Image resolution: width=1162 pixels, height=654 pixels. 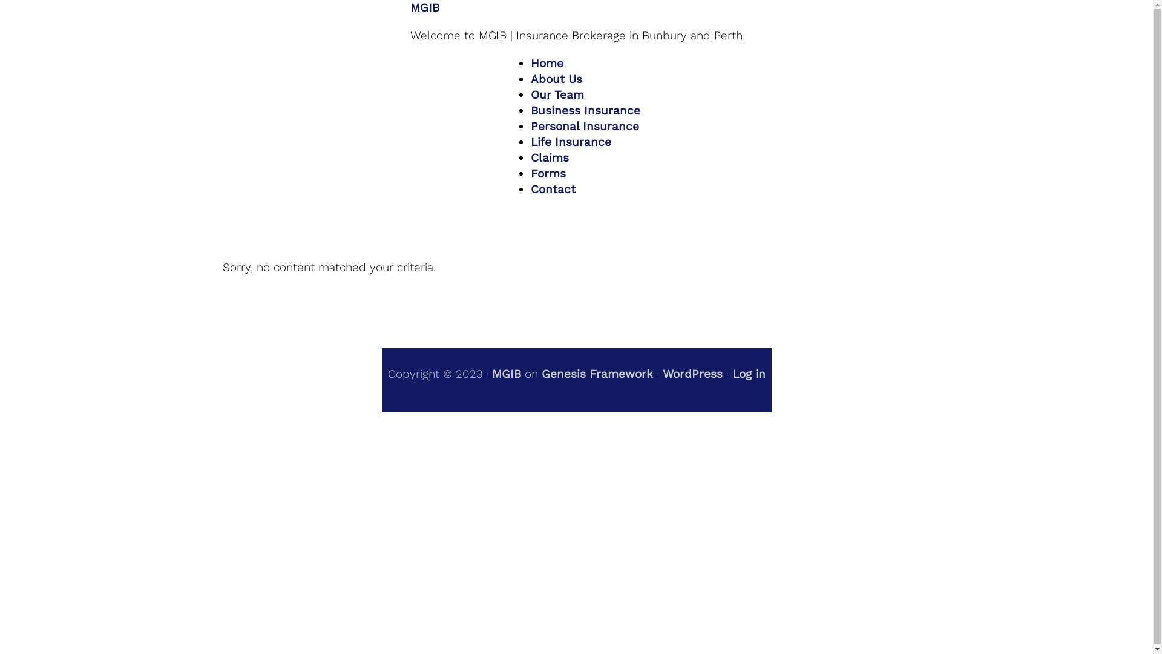 I want to click on 'Our Team', so click(x=557, y=94).